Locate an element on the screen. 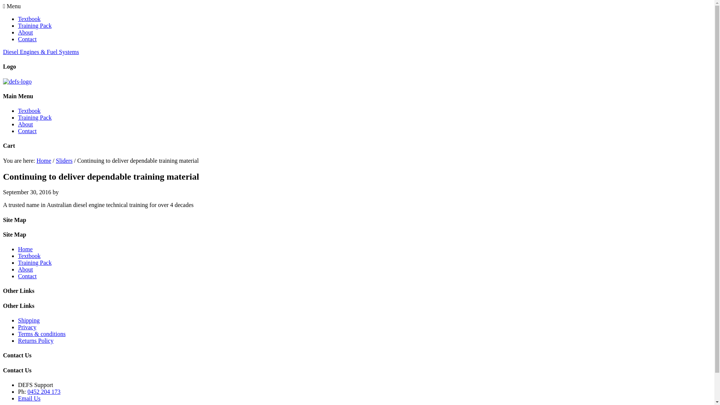 The width and height of the screenshot is (720, 405). 'Sliders' is located at coordinates (55, 160).